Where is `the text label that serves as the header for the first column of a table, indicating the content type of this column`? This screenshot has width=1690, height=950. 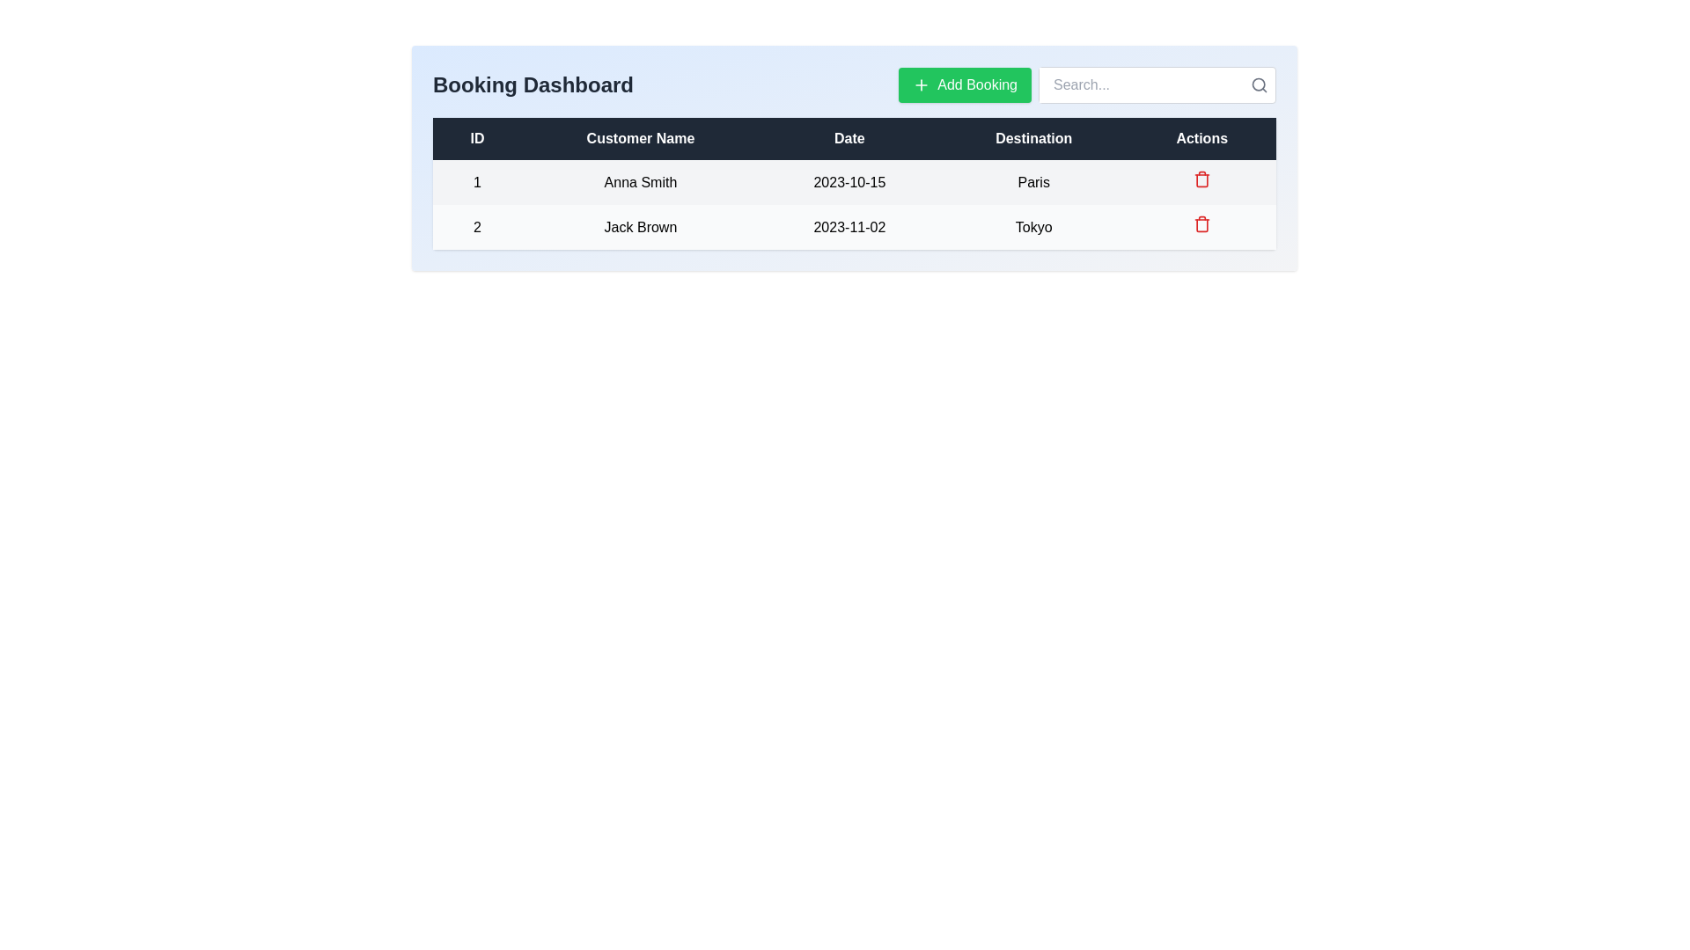
the text label that serves as the header for the first column of a table, indicating the content type of this column is located at coordinates (477, 138).